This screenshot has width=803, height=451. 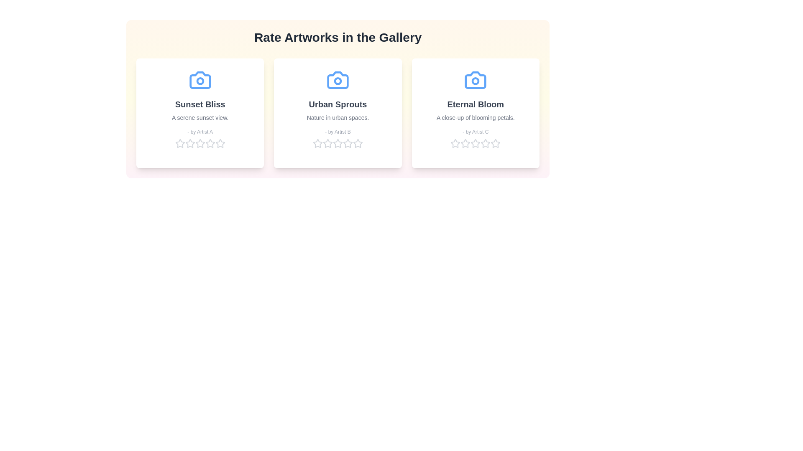 I want to click on the star corresponding to 4 for the artwork 'Urban Sprouts' to set its rating, so click(x=348, y=143).